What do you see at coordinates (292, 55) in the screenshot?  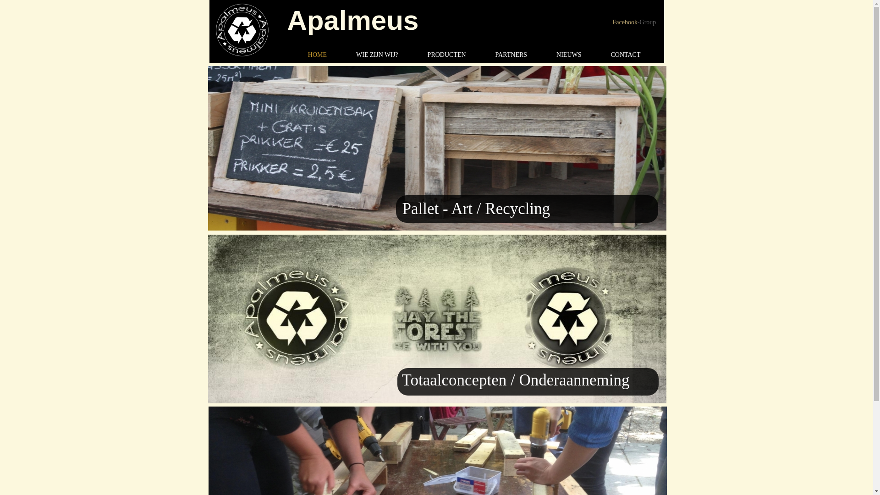 I see `'HOME'` at bounding box center [292, 55].